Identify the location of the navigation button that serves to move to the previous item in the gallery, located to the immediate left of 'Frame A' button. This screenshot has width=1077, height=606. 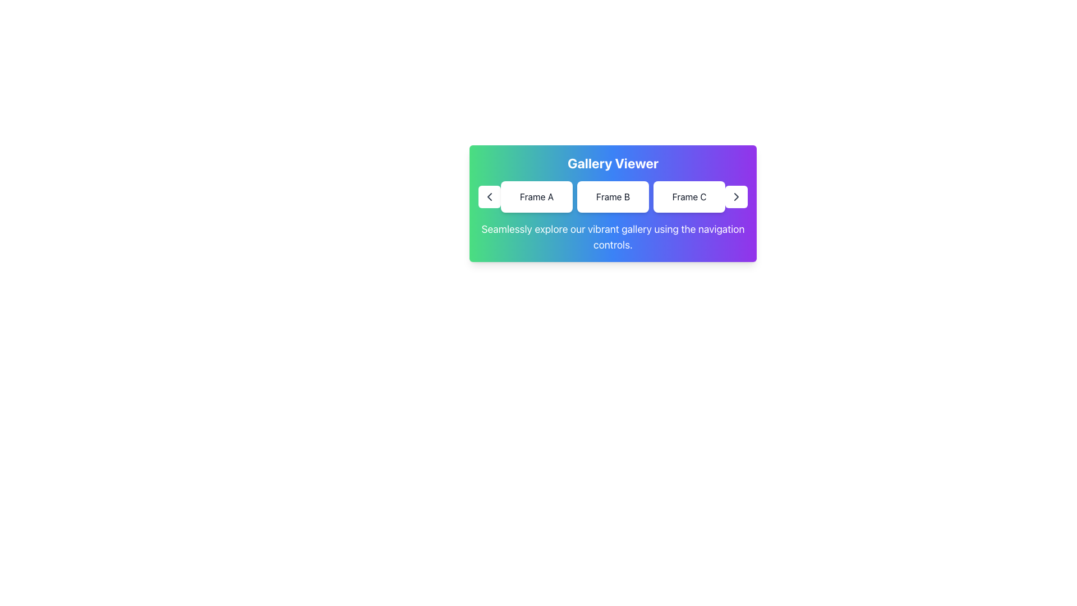
(490, 196).